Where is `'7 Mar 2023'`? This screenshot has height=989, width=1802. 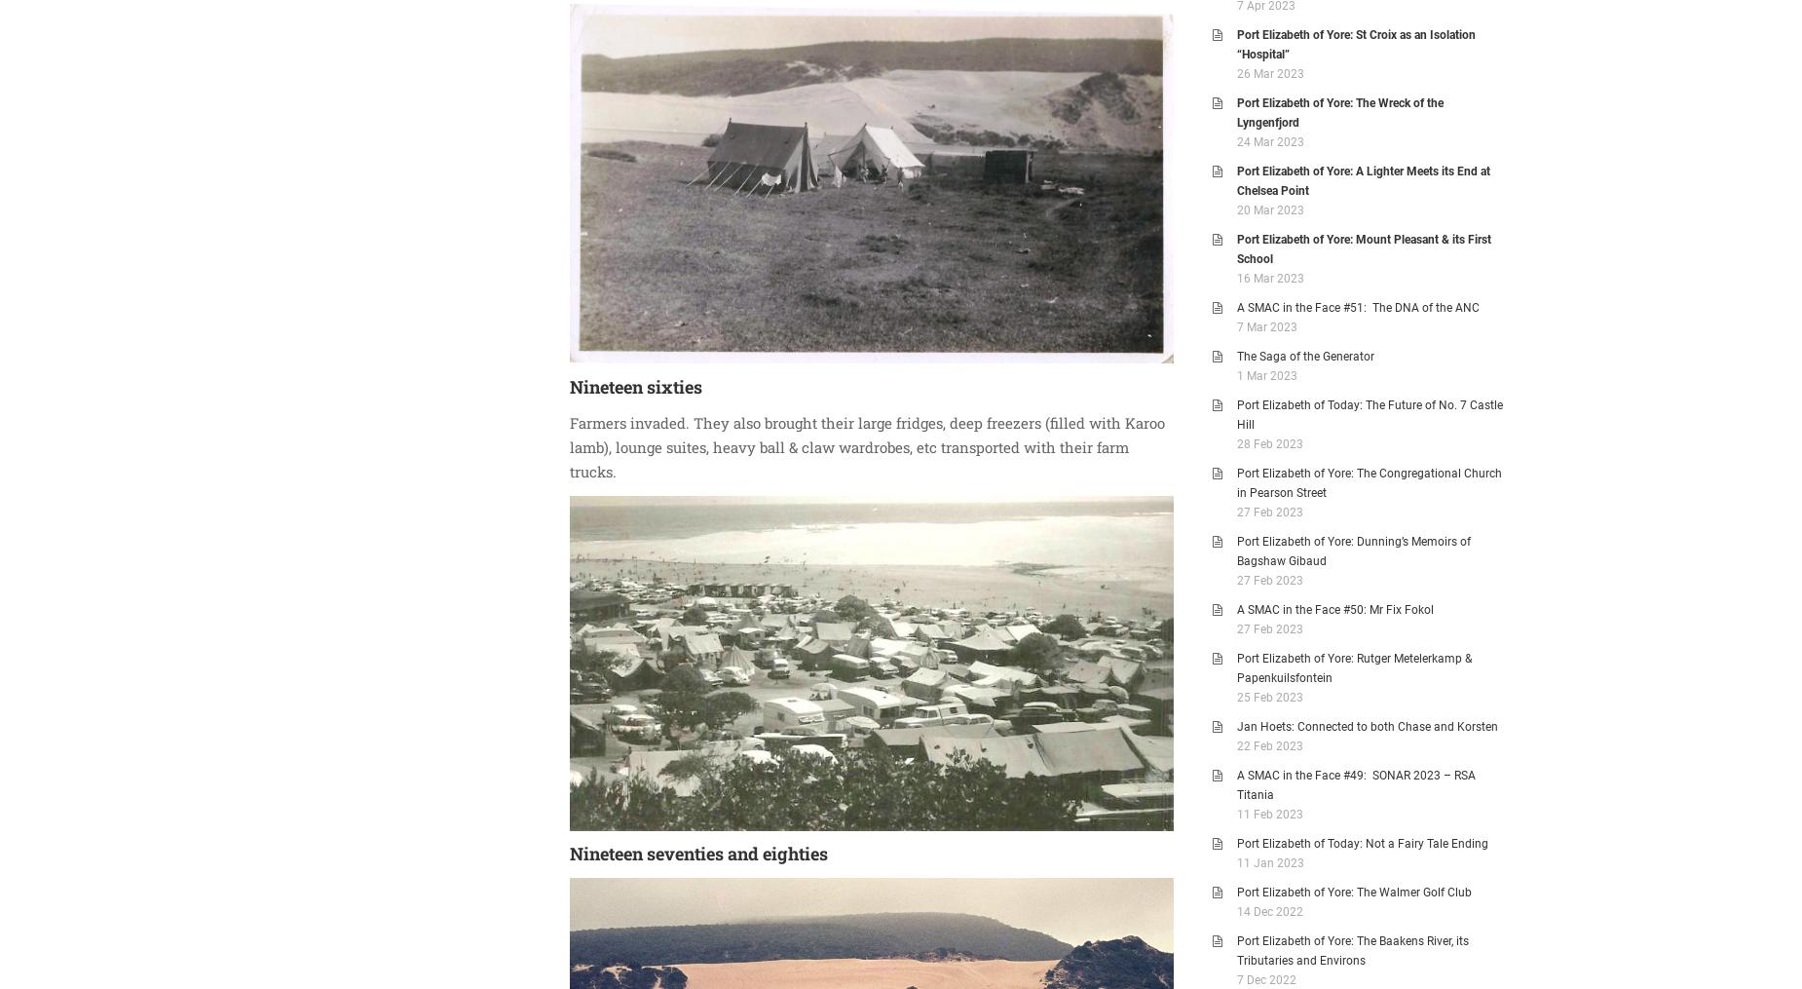 '7 Mar 2023' is located at coordinates (1236, 325).